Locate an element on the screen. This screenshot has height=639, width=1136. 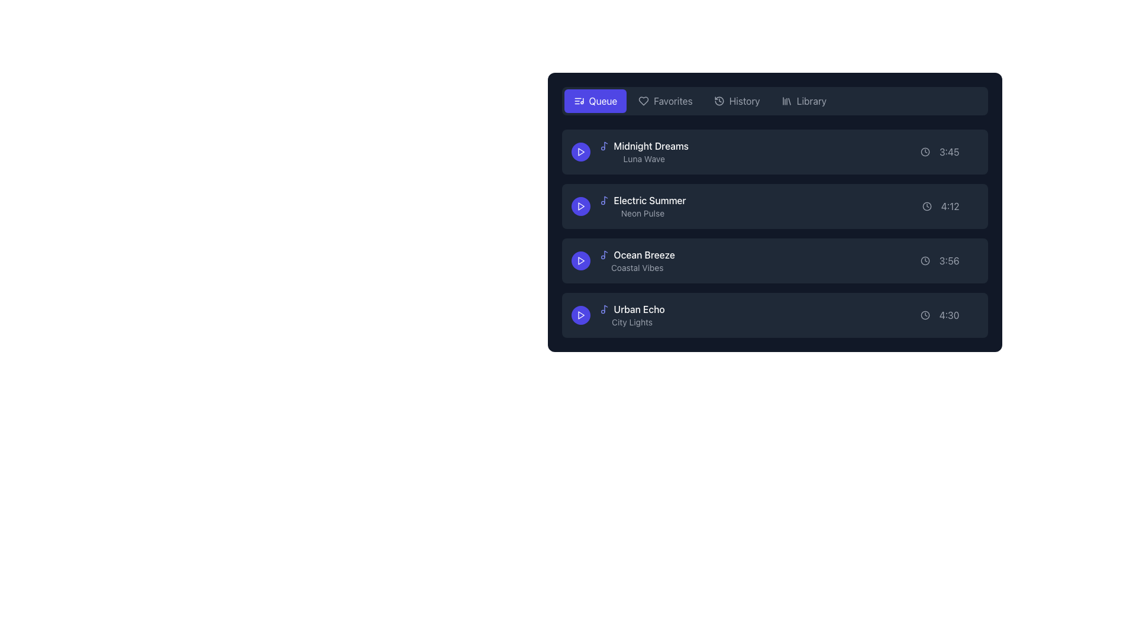
the text label that indicates the duration of the track listed in the second row, located in front of a clock icon on the right-hand side is located at coordinates (950, 205).